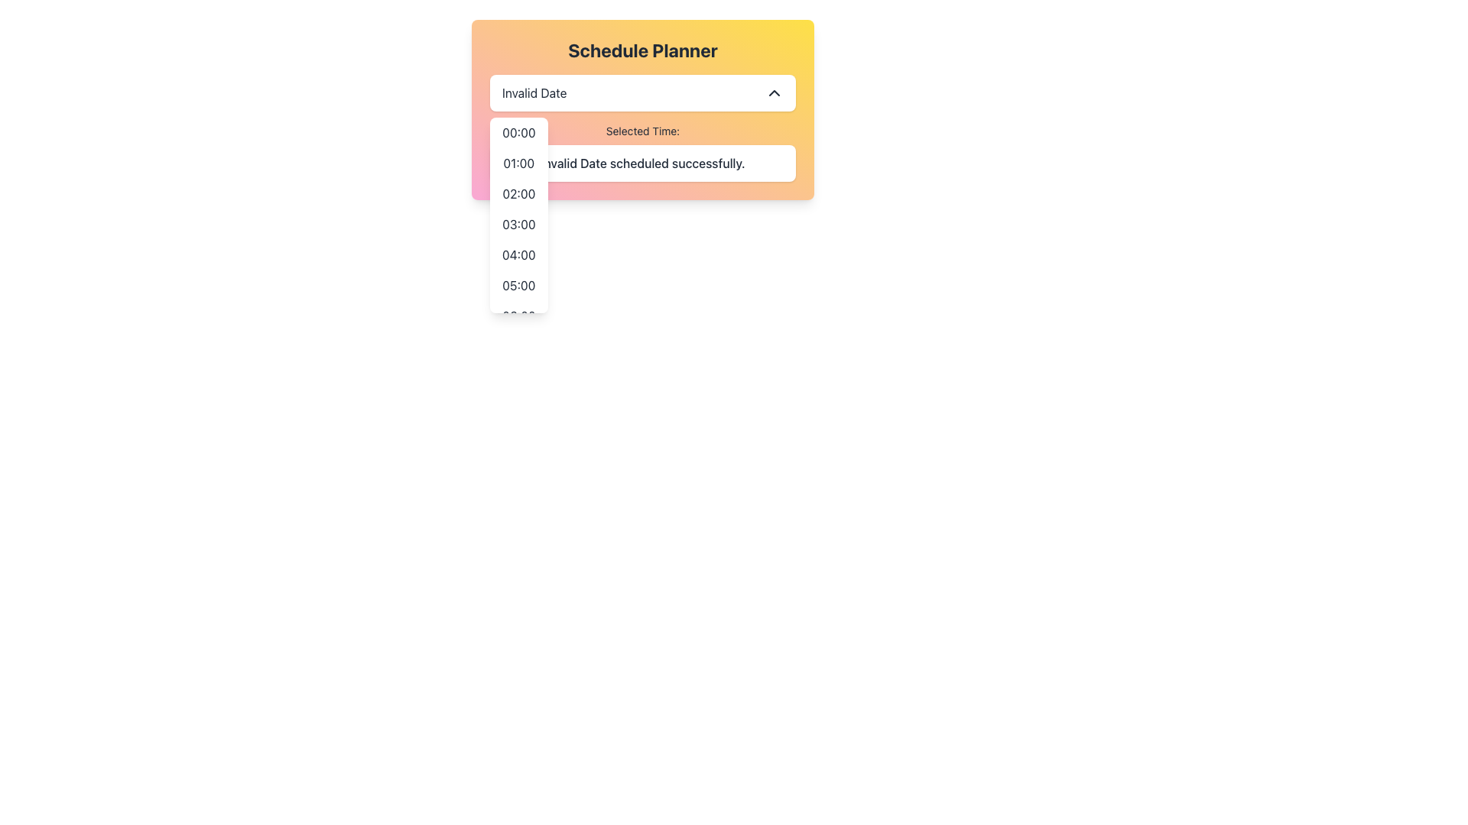 The height and width of the screenshot is (825, 1468). Describe the element at coordinates (642, 49) in the screenshot. I see `the bold, large title text 'Schedule Planner' which is positioned at the top of the card-like structure with a gradient background` at that location.